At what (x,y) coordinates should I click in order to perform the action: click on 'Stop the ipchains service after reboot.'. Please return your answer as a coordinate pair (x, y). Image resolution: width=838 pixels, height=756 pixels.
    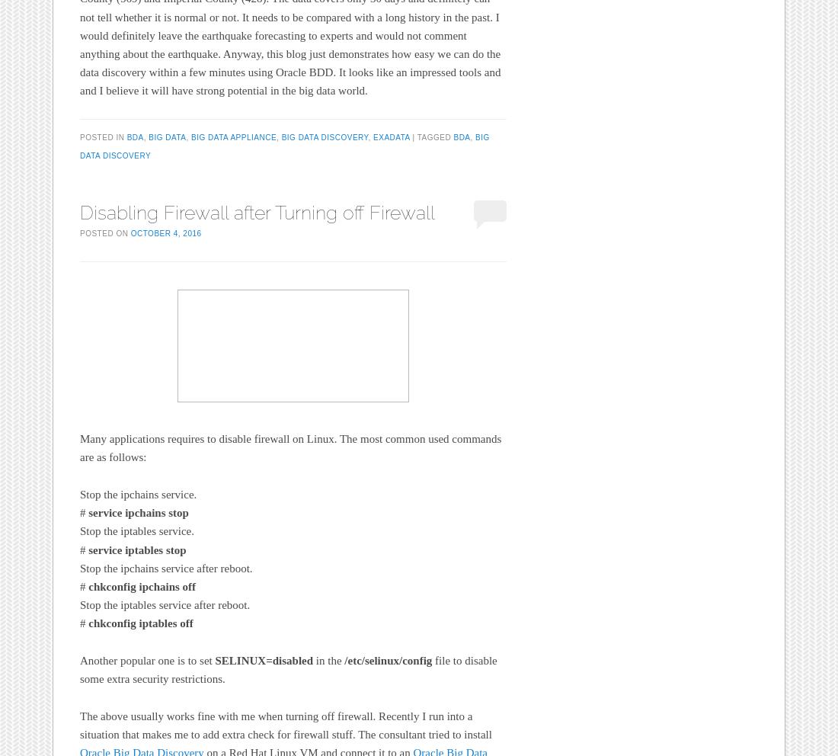
    Looking at the image, I should click on (166, 567).